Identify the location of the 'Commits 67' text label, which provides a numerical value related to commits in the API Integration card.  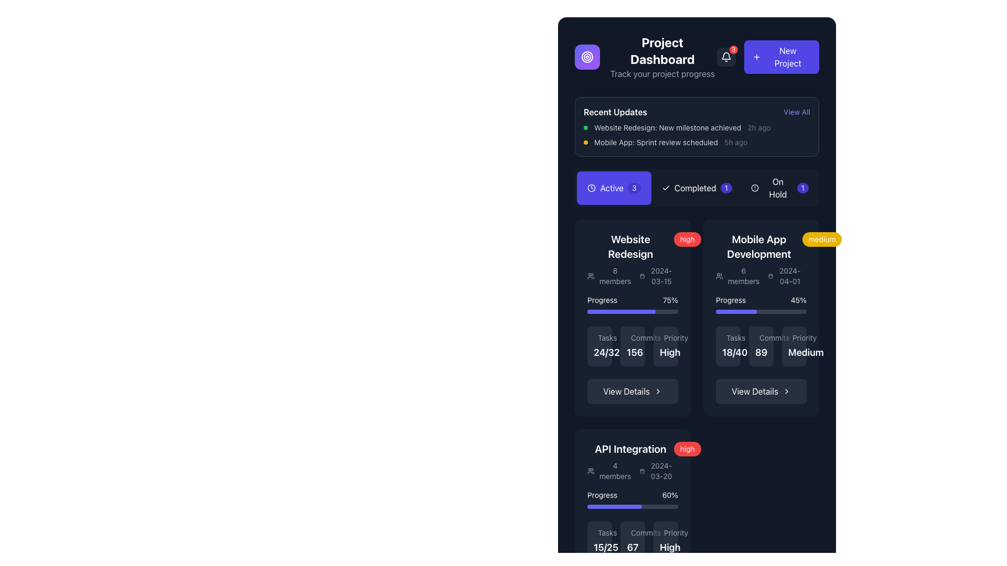
(632, 541).